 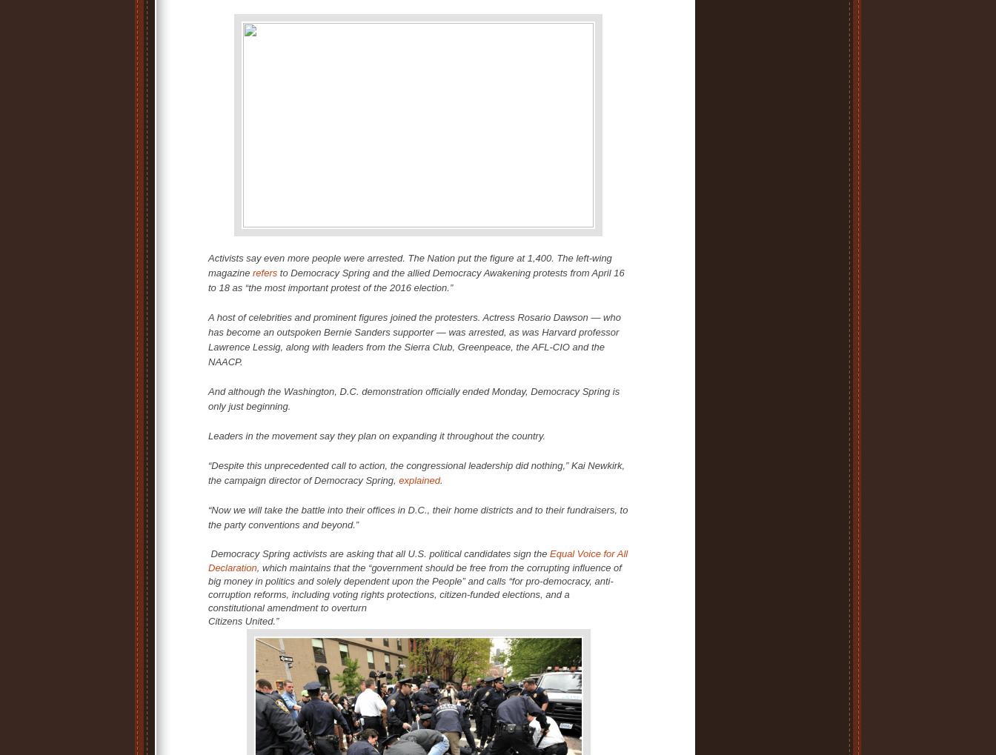 What do you see at coordinates (414, 587) in the screenshot?
I see `', which maintains that the “government should be free from the corrupting influence of big money in politics and solely dependent upon the People” and calls “for pro-democracy, anti-corruption reforms, including voting rights protections, citizen-funded elections, and a constitutional amendment to overturn'` at bounding box center [414, 587].